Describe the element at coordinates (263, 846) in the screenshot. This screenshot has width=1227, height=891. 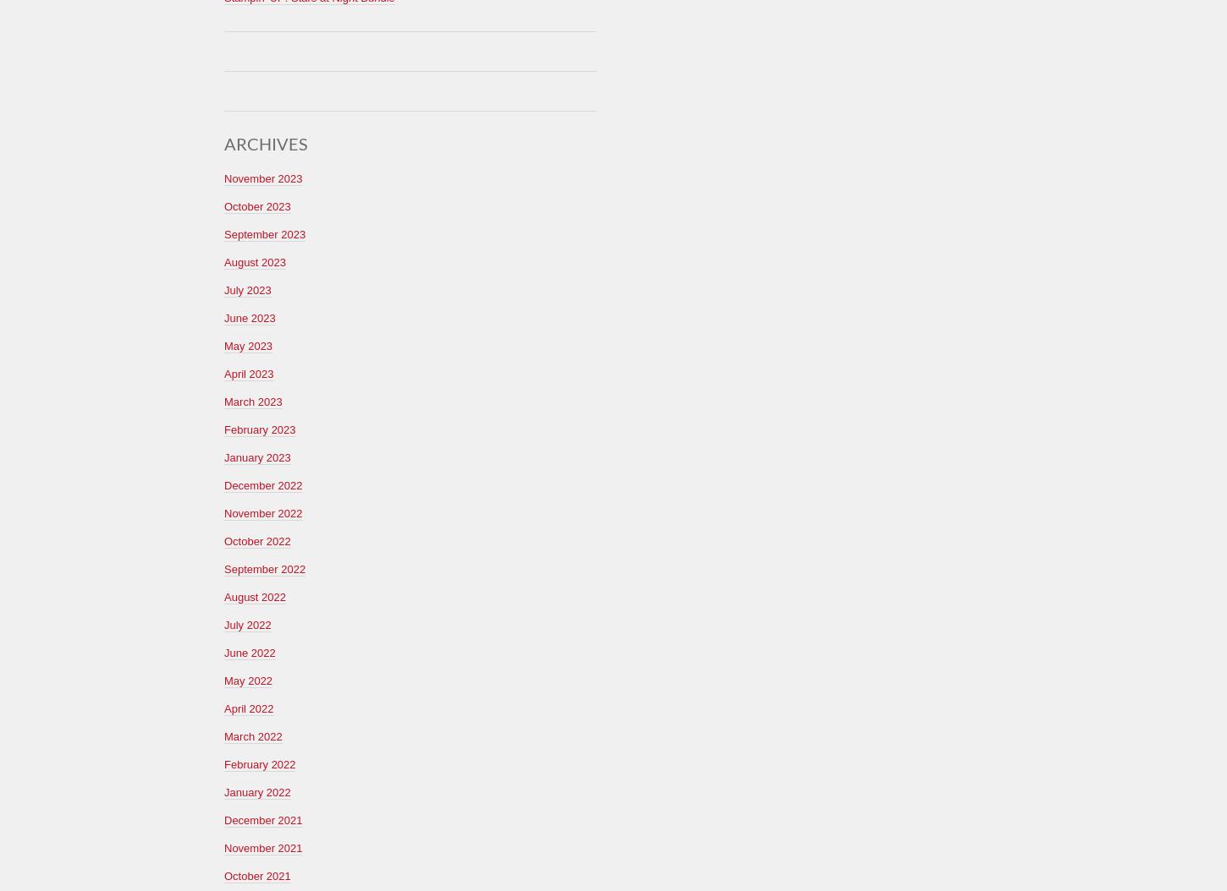
I see `'November 2021'` at that location.